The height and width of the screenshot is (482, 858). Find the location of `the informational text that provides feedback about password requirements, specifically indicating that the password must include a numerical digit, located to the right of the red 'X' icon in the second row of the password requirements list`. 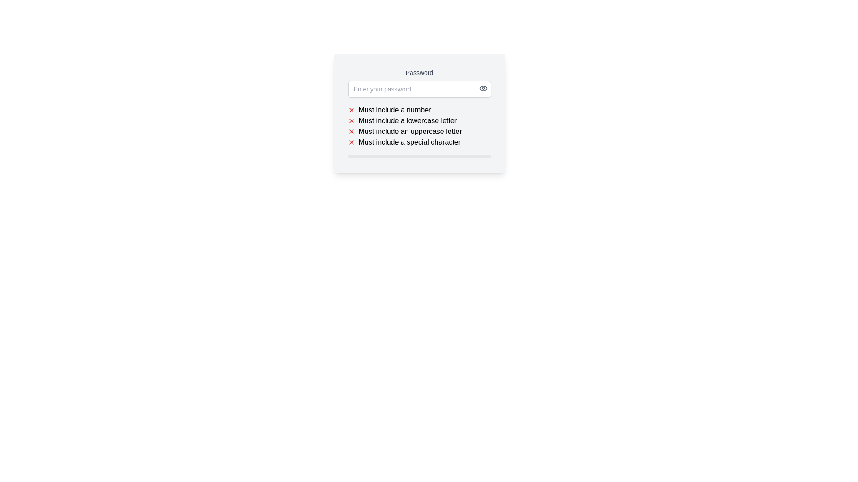

the informational text that provides feedback about password requirements, specifically indicating that the password must include a numerical digit, located to the right of the red 'X' icon in the second row of the password requirements list is located at coordinates (394, 109).